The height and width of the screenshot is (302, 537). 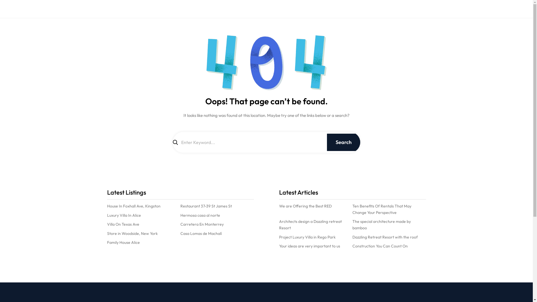 What do you see at coordinates (316, 224) in the screenshot?
I see `'Architects design a Dazzling retreat Resort'` at bounding box center [316, 224].